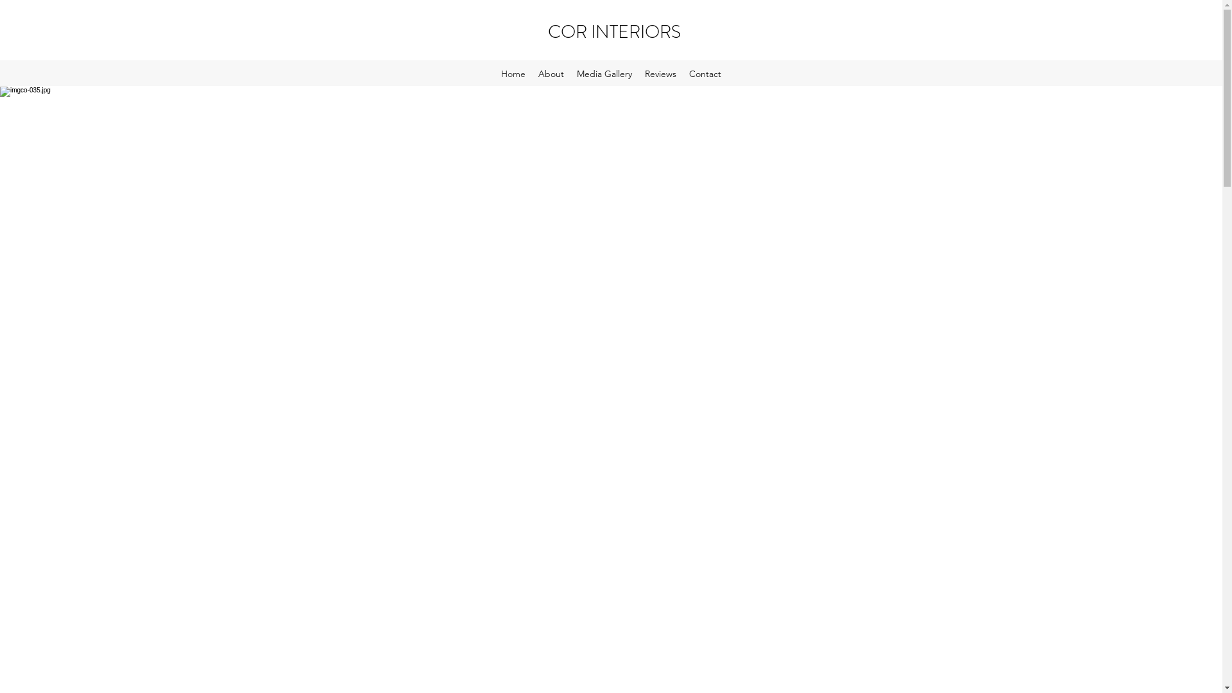 The width and height of the screenshot is (1232, 693). I want to click on 'Reviews', so click(660, 74).